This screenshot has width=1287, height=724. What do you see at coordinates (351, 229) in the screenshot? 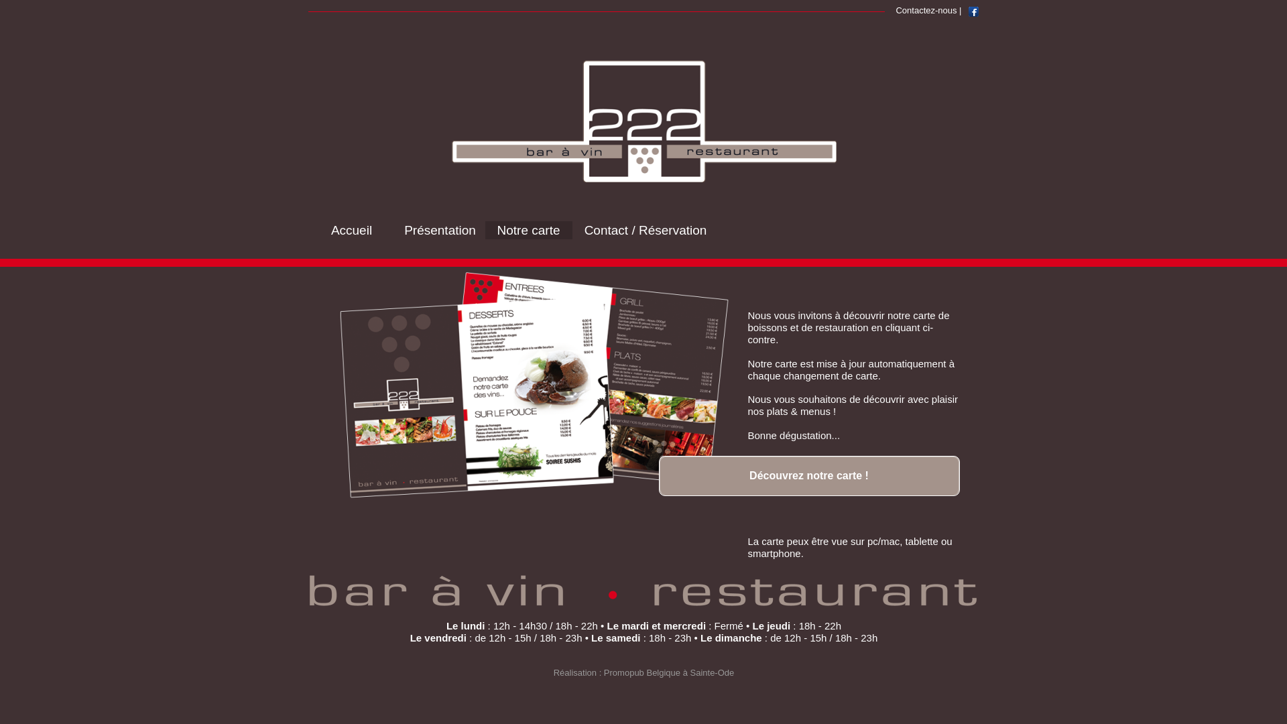
I see `'Accueil'` at bounding box center [351, 229].